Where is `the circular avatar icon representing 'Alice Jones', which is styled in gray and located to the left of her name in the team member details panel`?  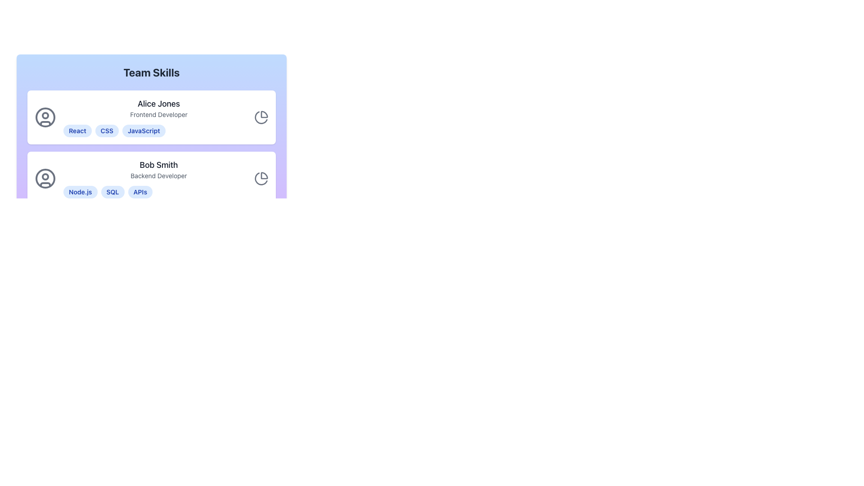
the circular avatar icon representing 'Alice Jones', which is styled in gray and located to the left of her name in the team member details panel is located at coordinates (45, 117).